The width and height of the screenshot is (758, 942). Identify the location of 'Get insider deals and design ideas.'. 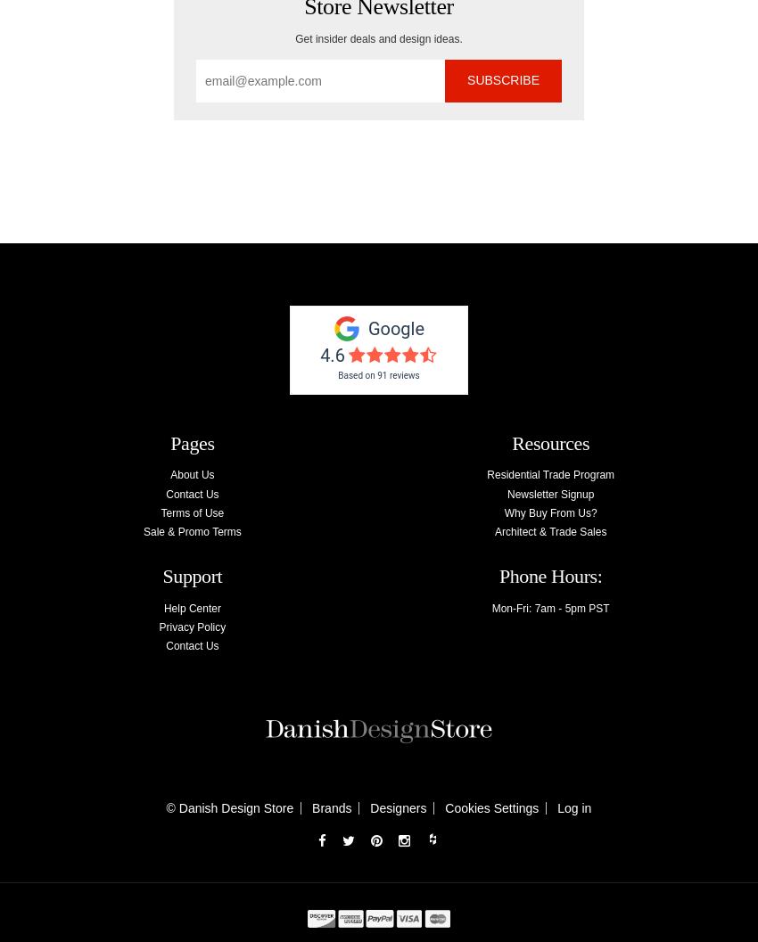
(378, 38).